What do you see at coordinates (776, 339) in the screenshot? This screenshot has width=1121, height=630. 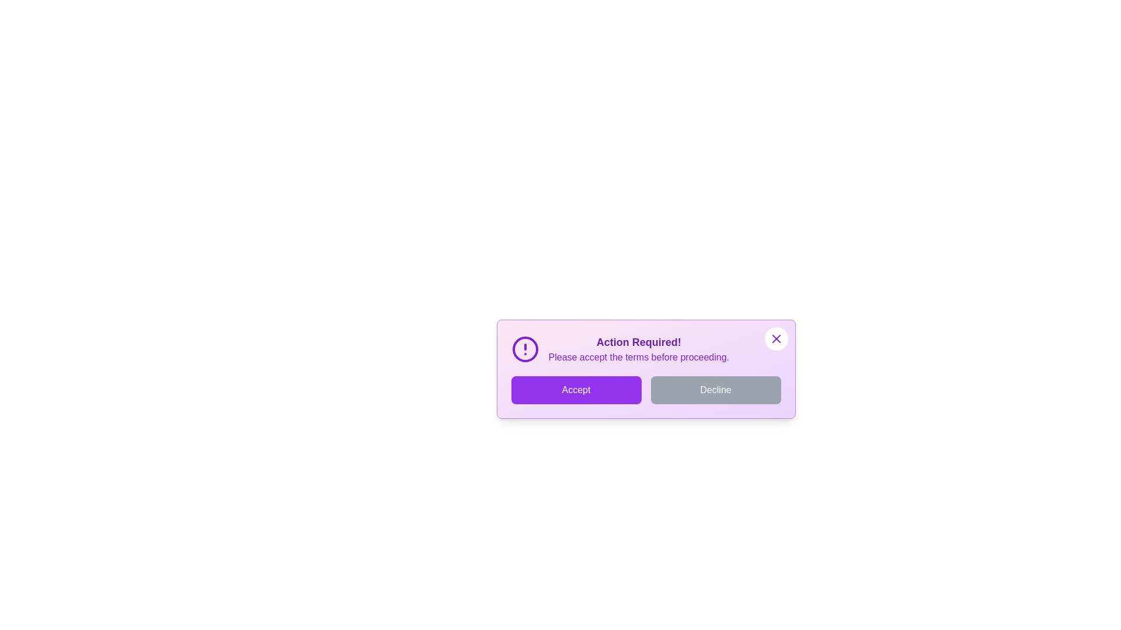 I see `the close button to observe the hover effects` at bounding box center [776, 339].